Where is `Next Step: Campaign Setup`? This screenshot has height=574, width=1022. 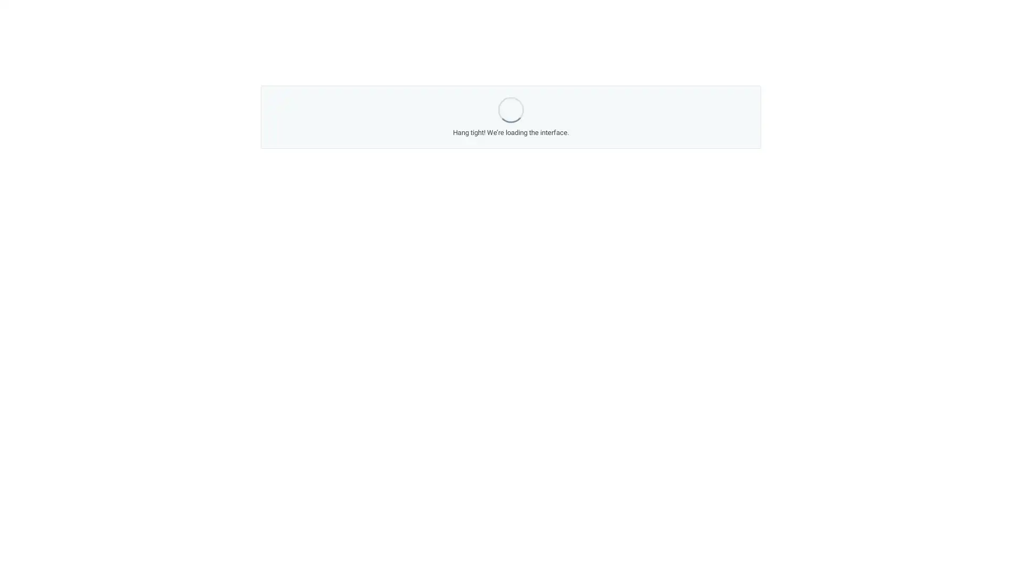
Next Step: Campaign Setup is located at coordinates (597, 378).